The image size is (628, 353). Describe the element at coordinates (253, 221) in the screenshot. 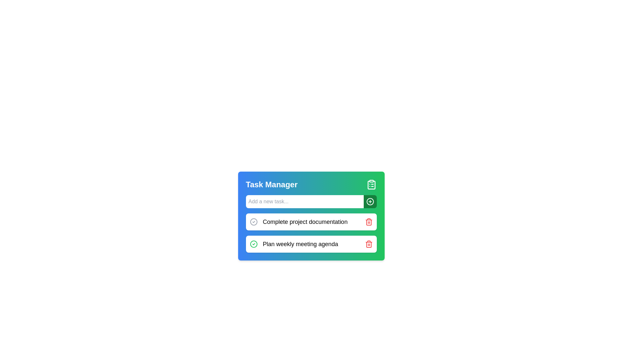

I see `the SVG Circle Element that represents the status indicator for the task 'Plan weekly meeting agenda'` at that location.